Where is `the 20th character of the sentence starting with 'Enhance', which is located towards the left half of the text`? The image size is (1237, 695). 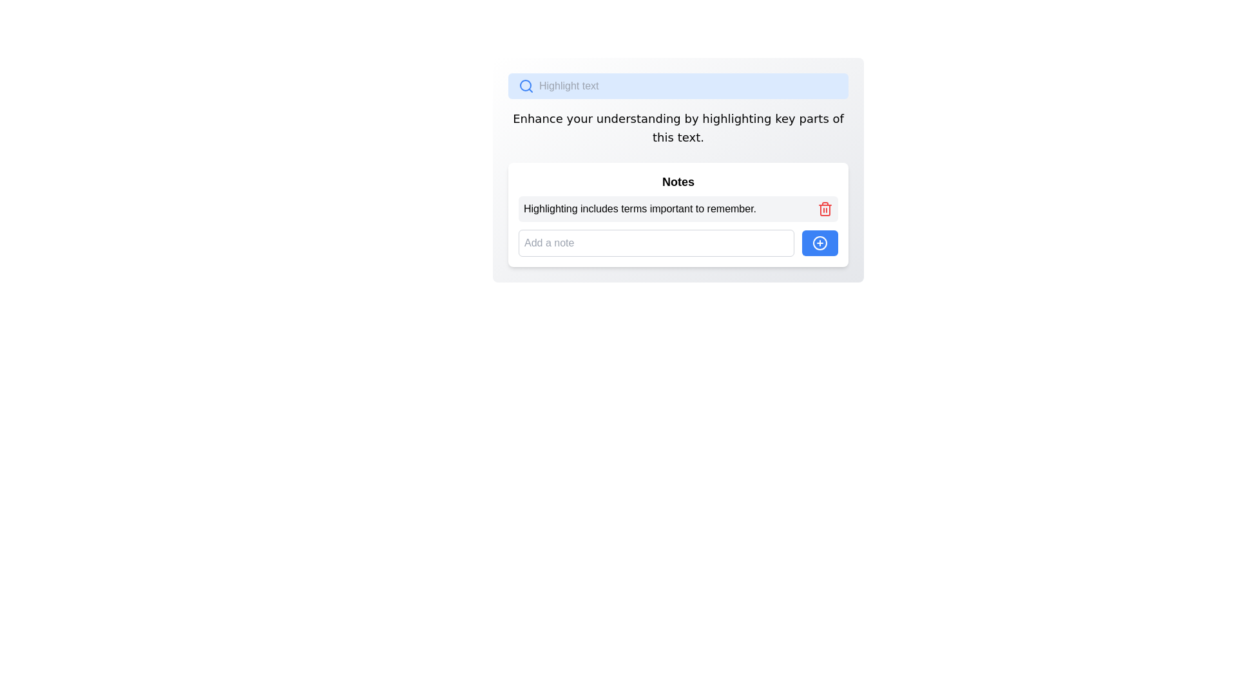
the 20th character of the sentence starting with 'Enhance', which is located towards the left half of the text is located at coordinates (583, 118).